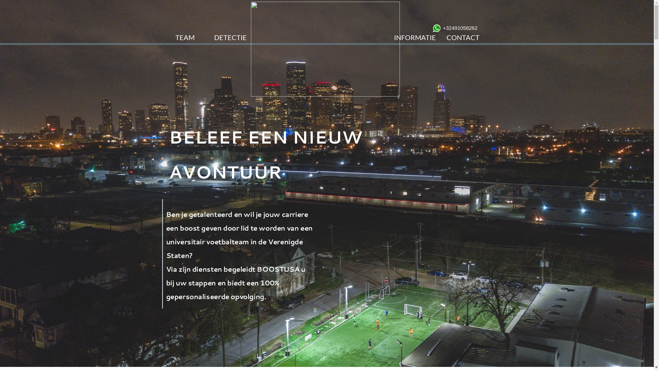  Describe the element at coordinates (443, 27) in the screenshot. I see `'+32491056262'` at that location.